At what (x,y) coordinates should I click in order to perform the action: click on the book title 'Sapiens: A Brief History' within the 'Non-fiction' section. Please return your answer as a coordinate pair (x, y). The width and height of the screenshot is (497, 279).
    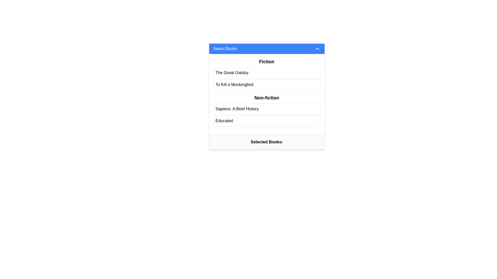
    Looking at the image, I should click on (267, 110).